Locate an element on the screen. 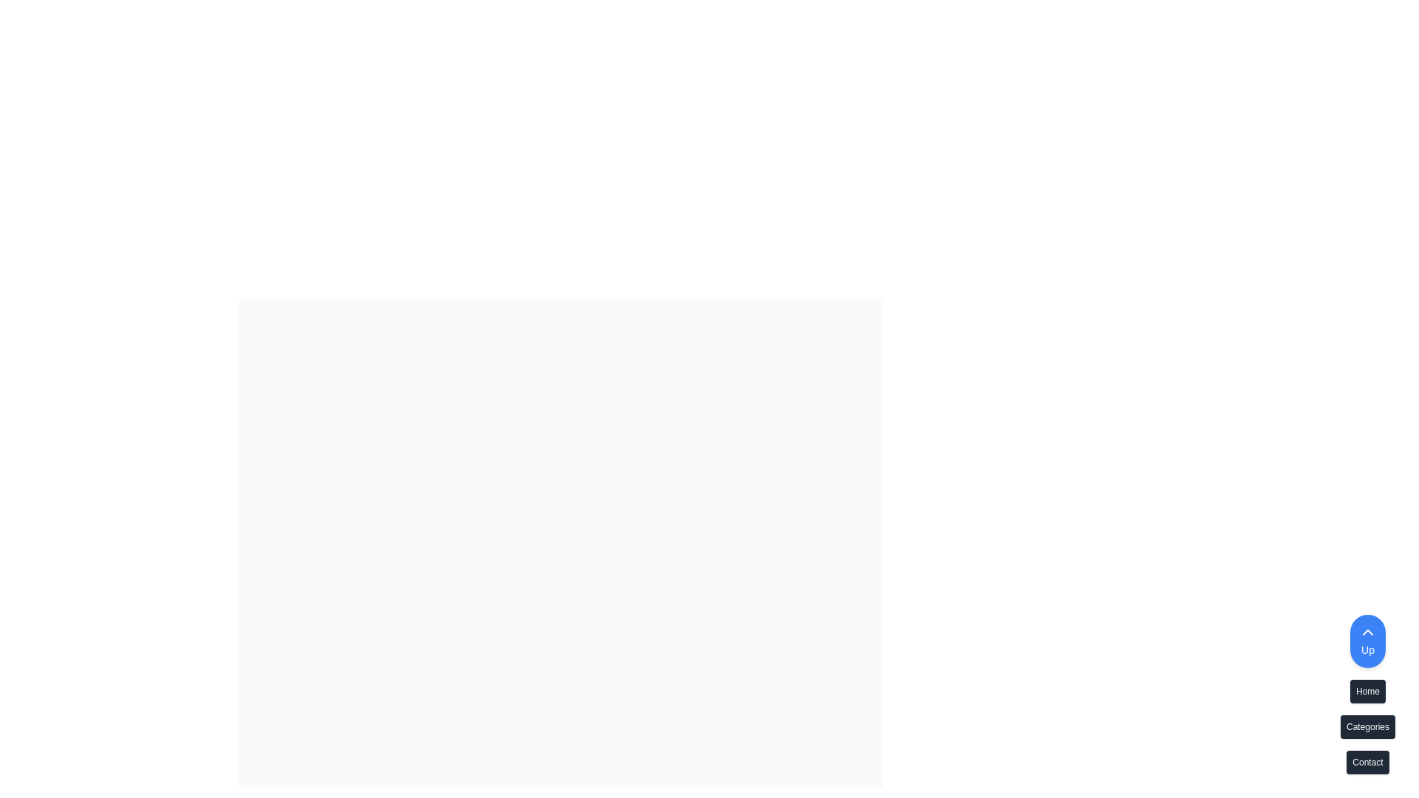 The height and width of the screenshot is (798, 1419). the 'Up' text label within the button component located at the bottom-right corner of the interface is located at coordinates (1367, 649).